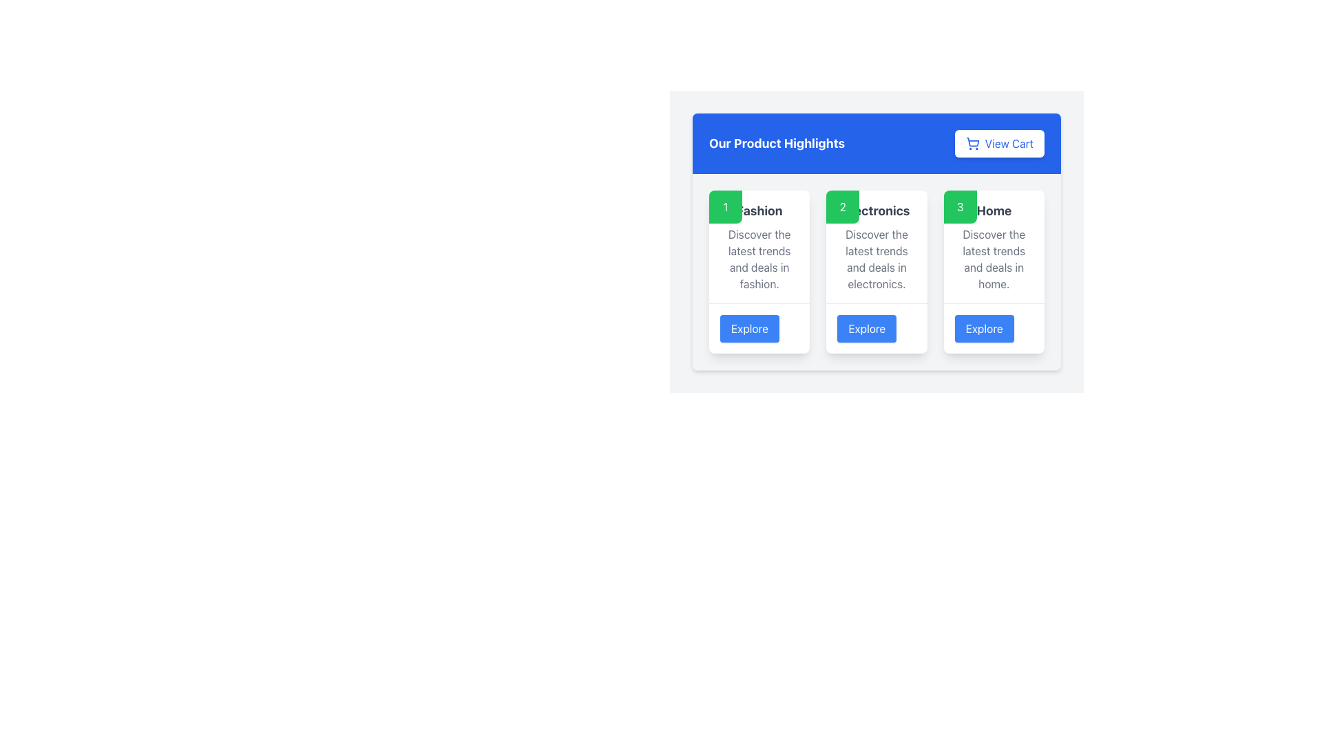 This screenshot has width=1322, height=743. I want to click on the blue 'Explore' button with white text, located at the bottom of the first card in a grid of three cards, so click(759, 328).